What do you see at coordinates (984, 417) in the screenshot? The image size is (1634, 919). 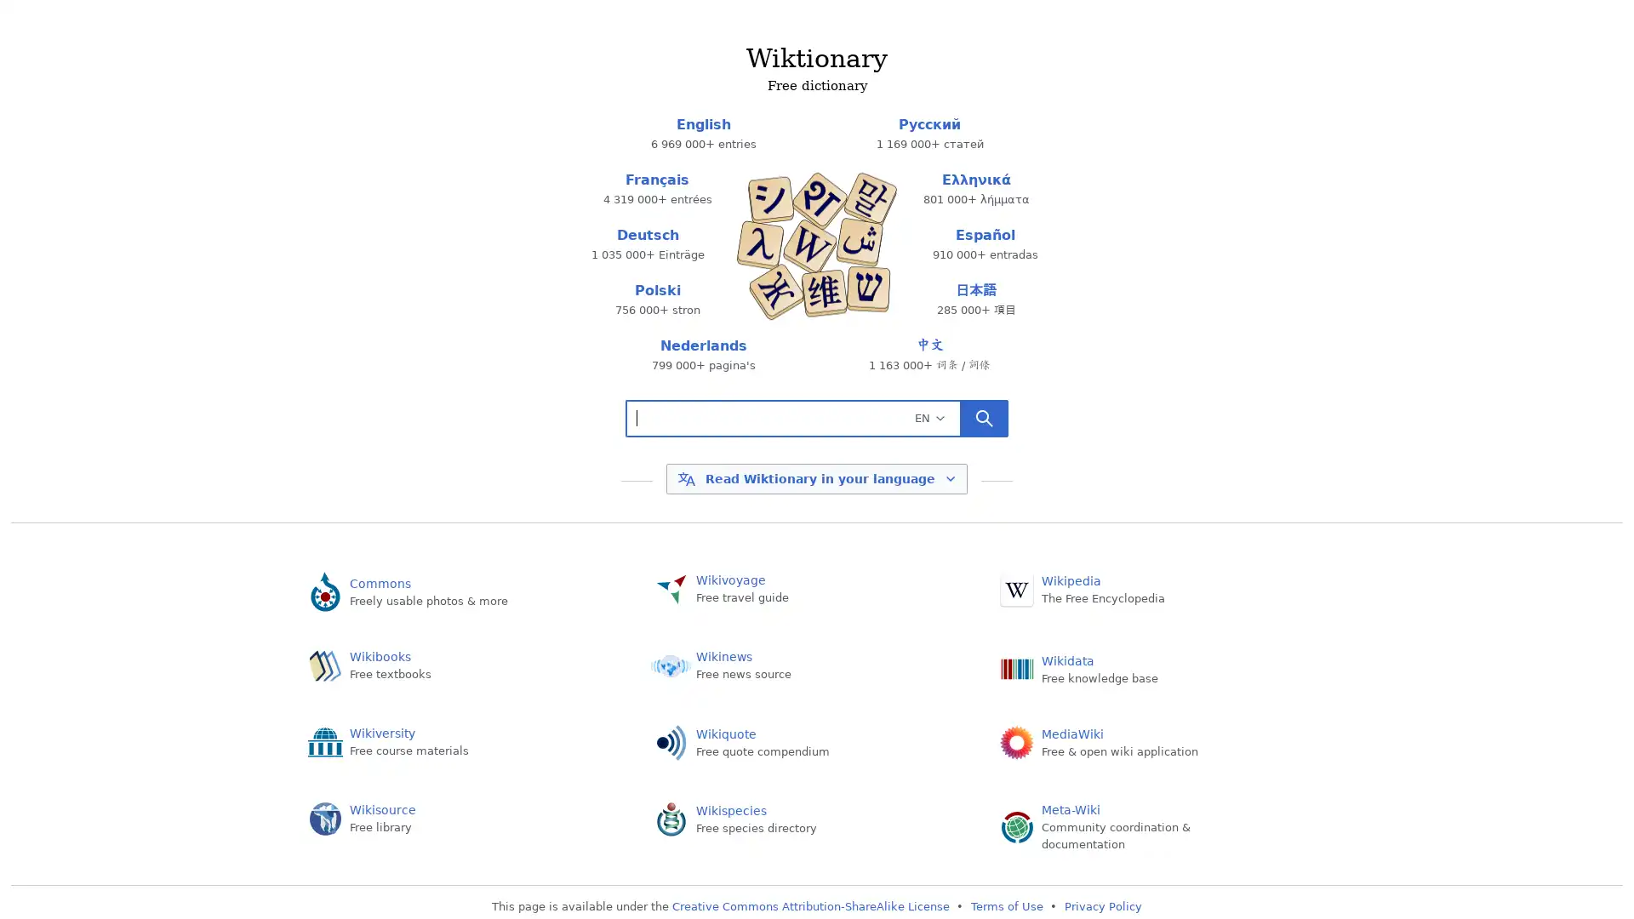 I see `Search` at bounding box center [984, 417].